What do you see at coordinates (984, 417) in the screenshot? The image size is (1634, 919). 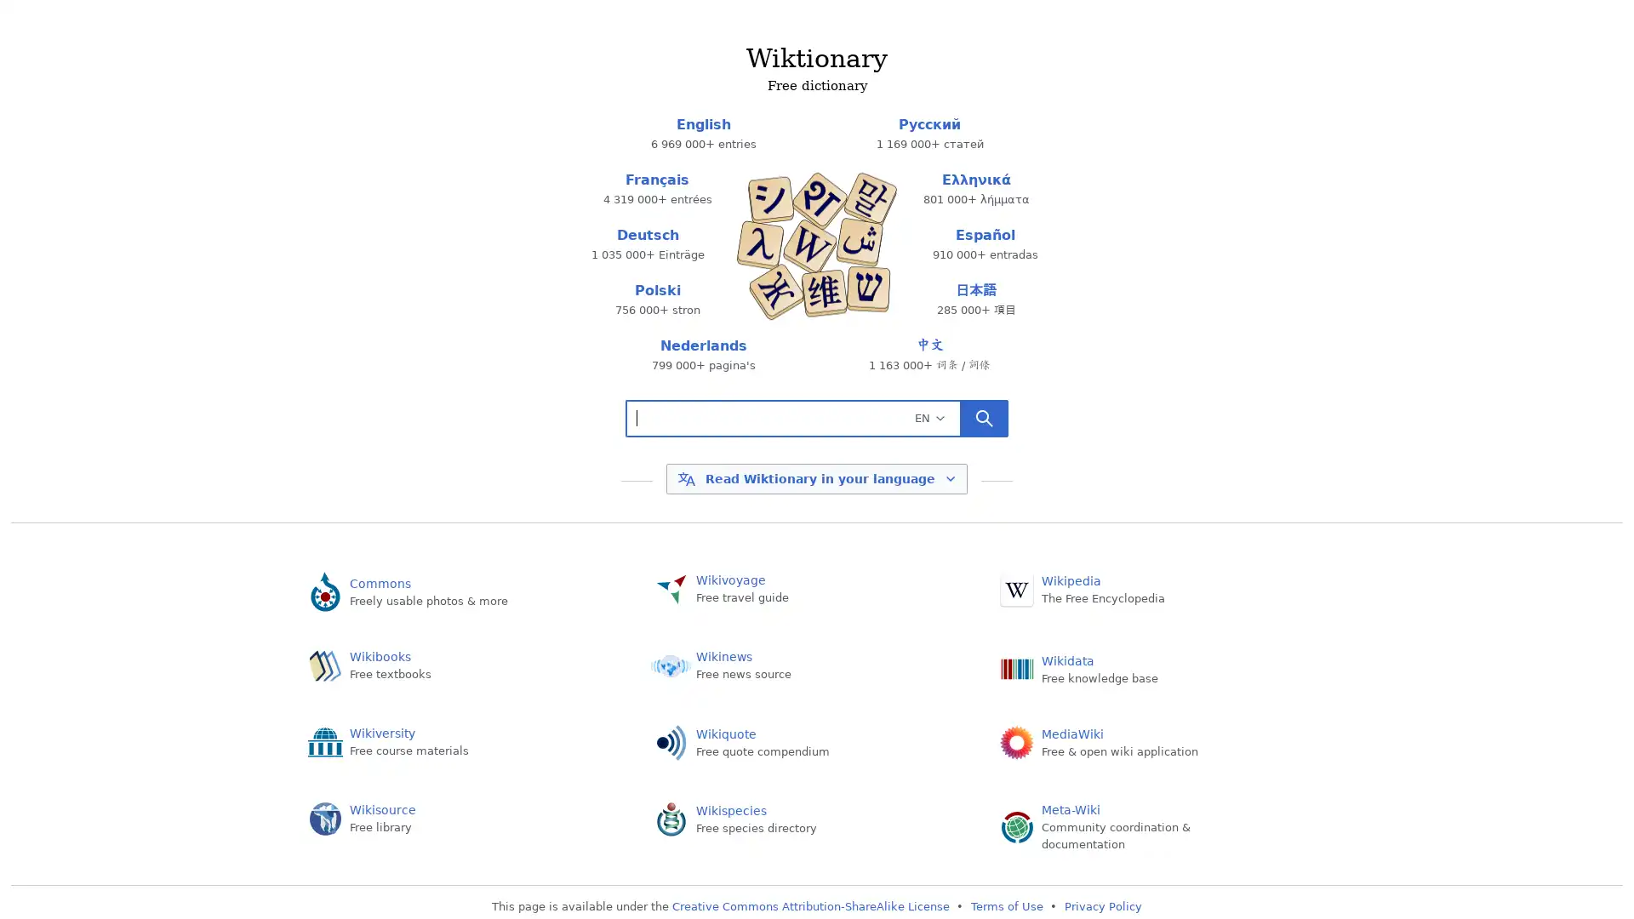 I see `Search` at bounding box center [984, 417].